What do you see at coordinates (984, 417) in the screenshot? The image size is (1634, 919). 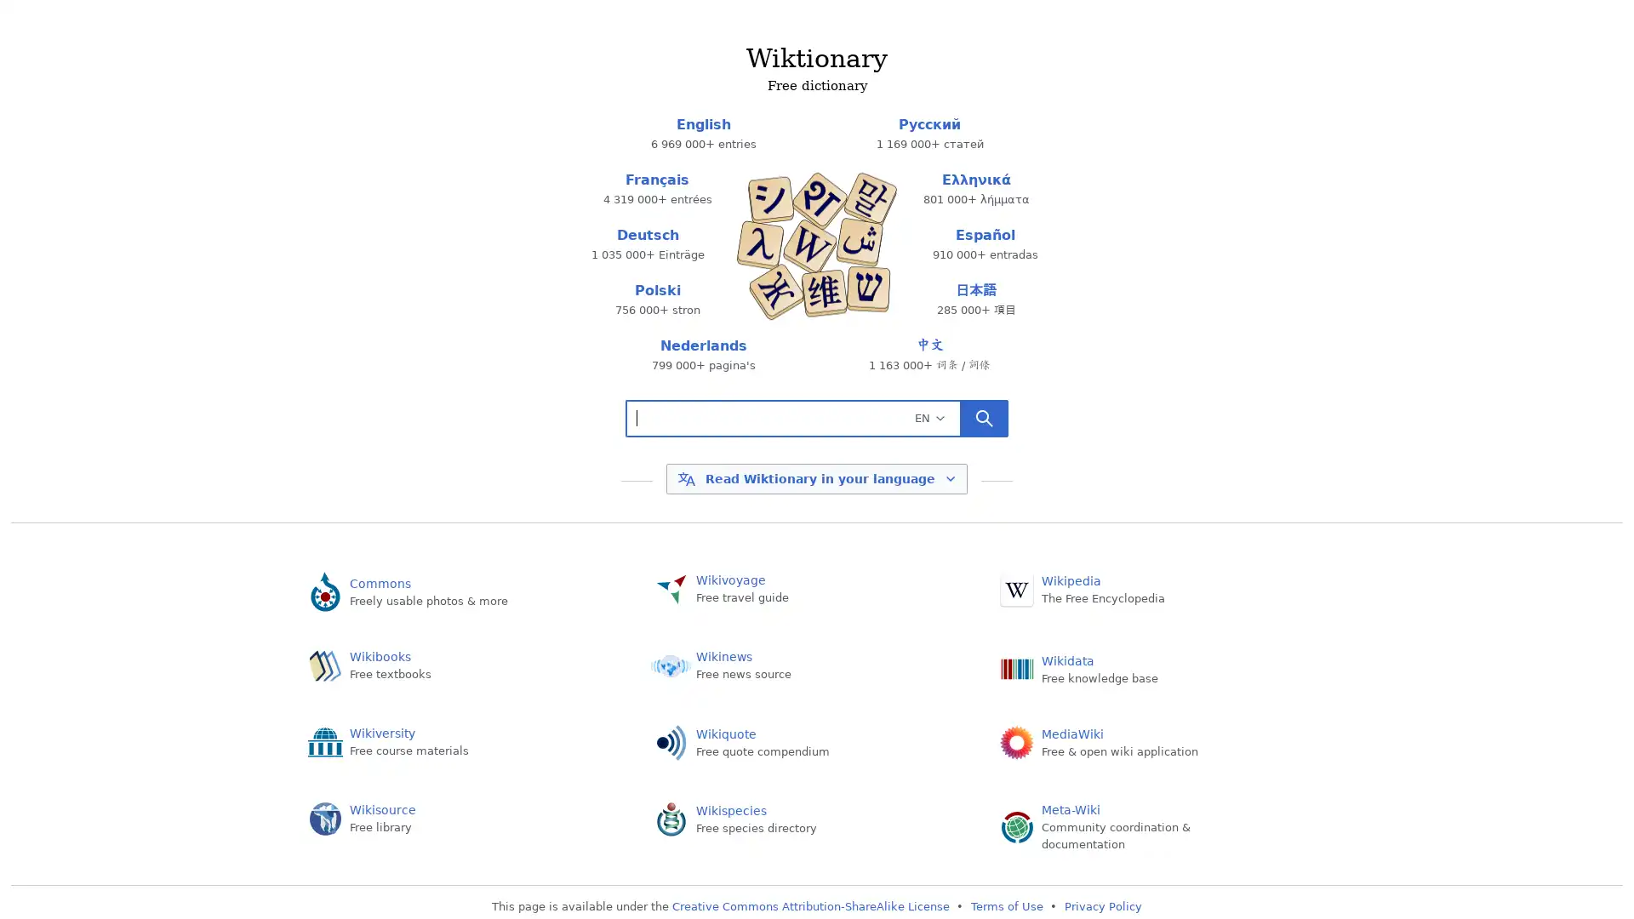 I see `Search` at bounding box center [984, 417].